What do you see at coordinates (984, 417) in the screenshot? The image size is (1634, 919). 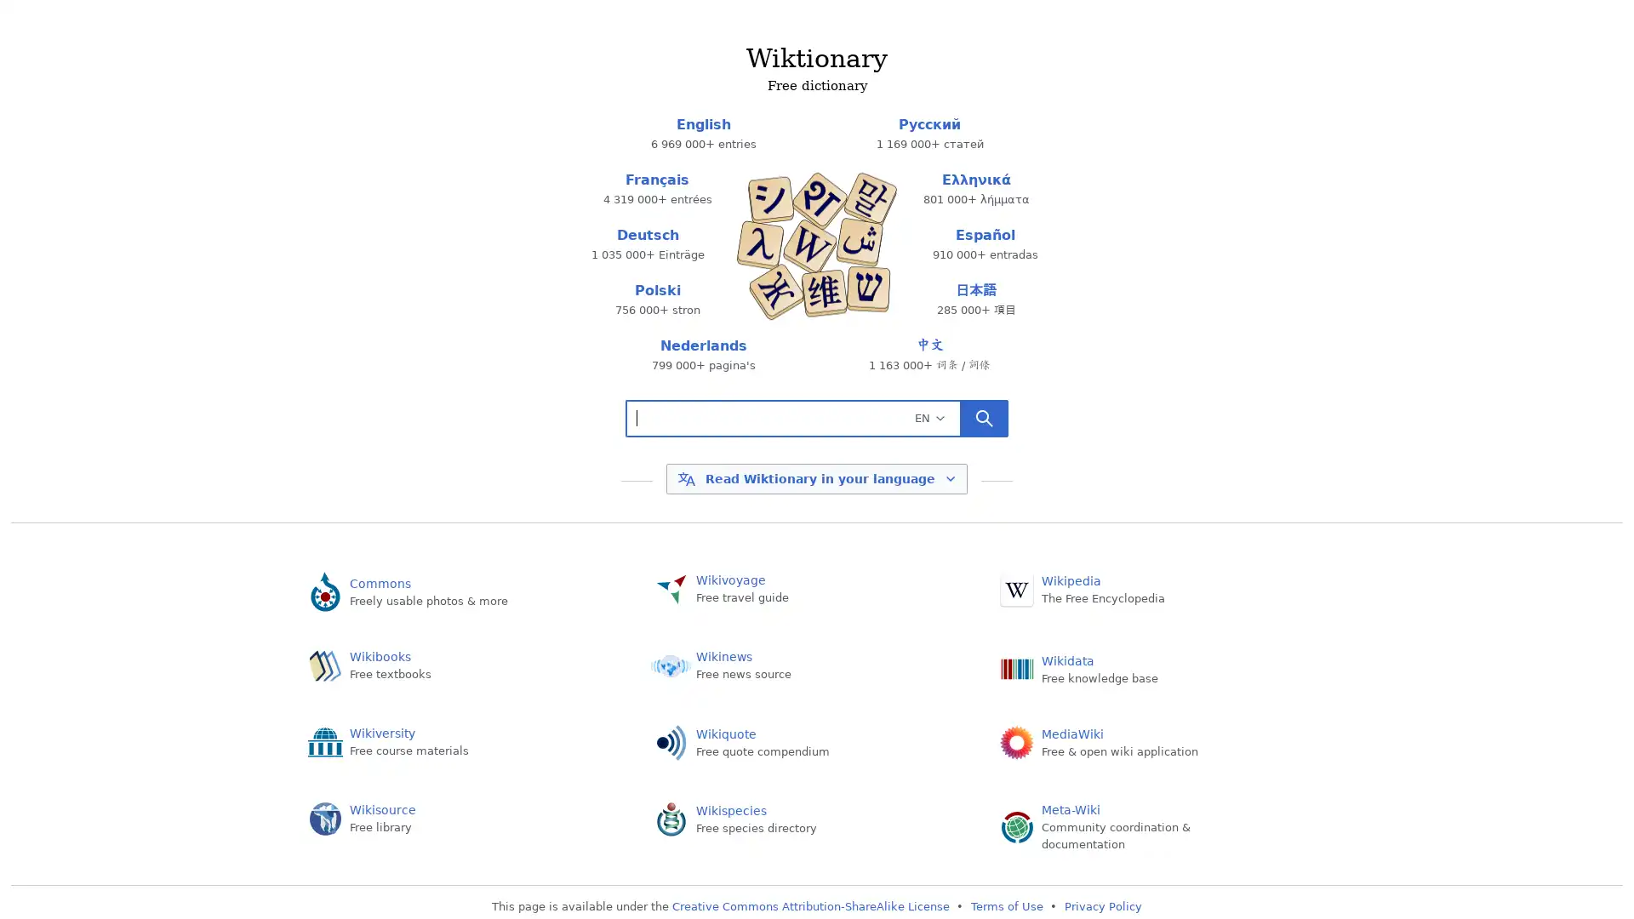 I see `Search` at bounding box center [984, 417].